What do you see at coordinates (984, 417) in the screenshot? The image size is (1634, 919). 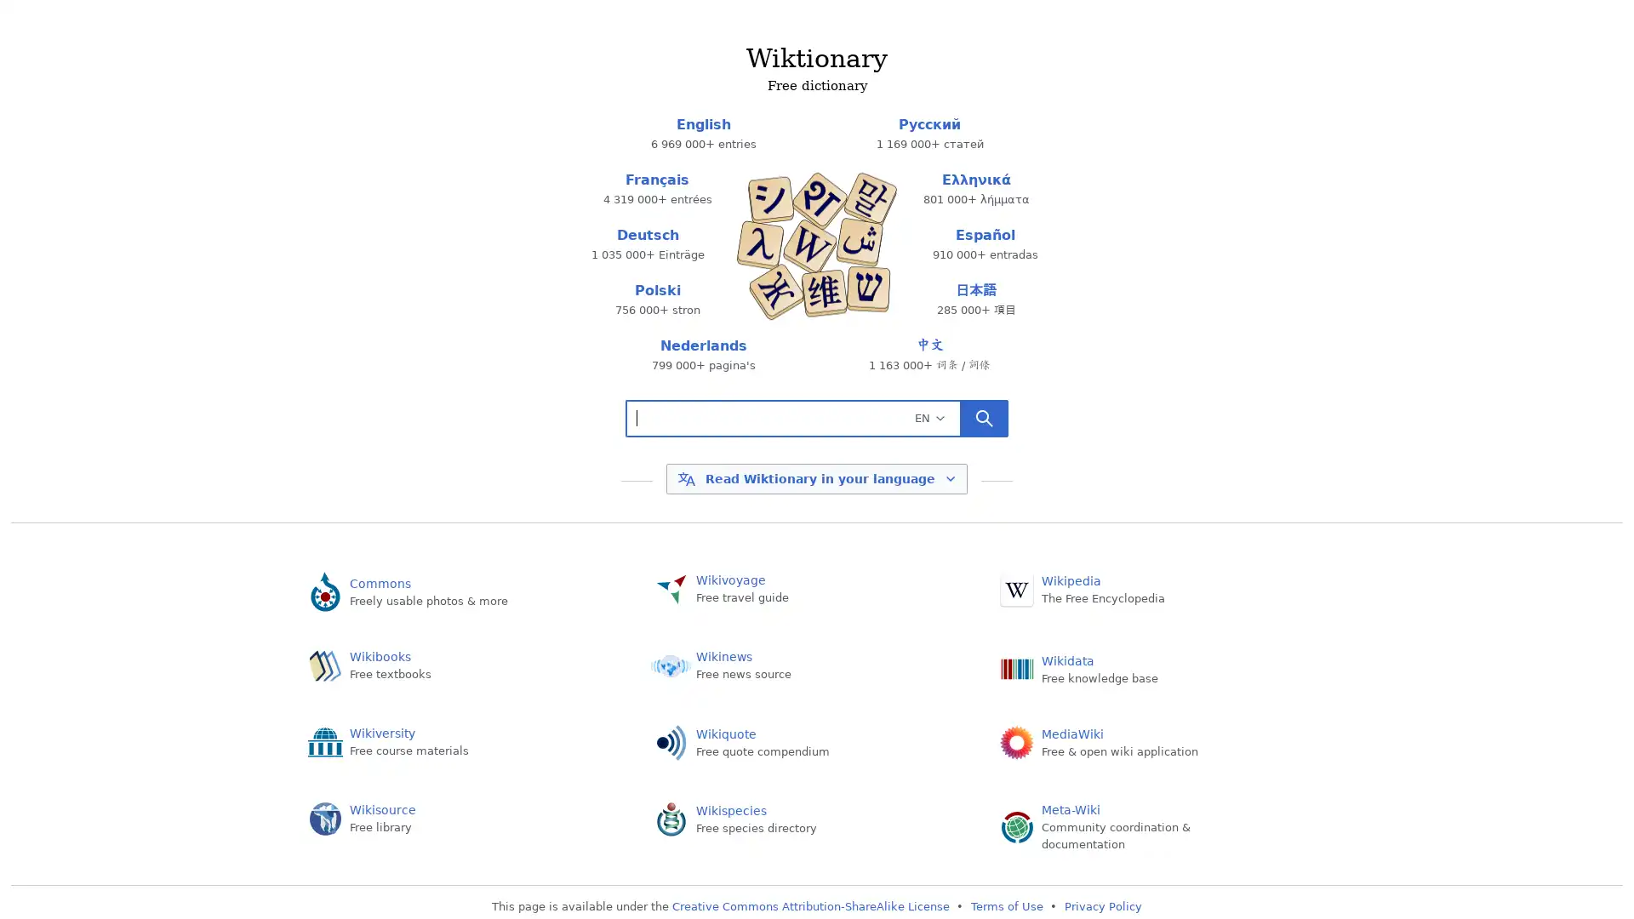 I see `Search` at bounding box center [984, 417].